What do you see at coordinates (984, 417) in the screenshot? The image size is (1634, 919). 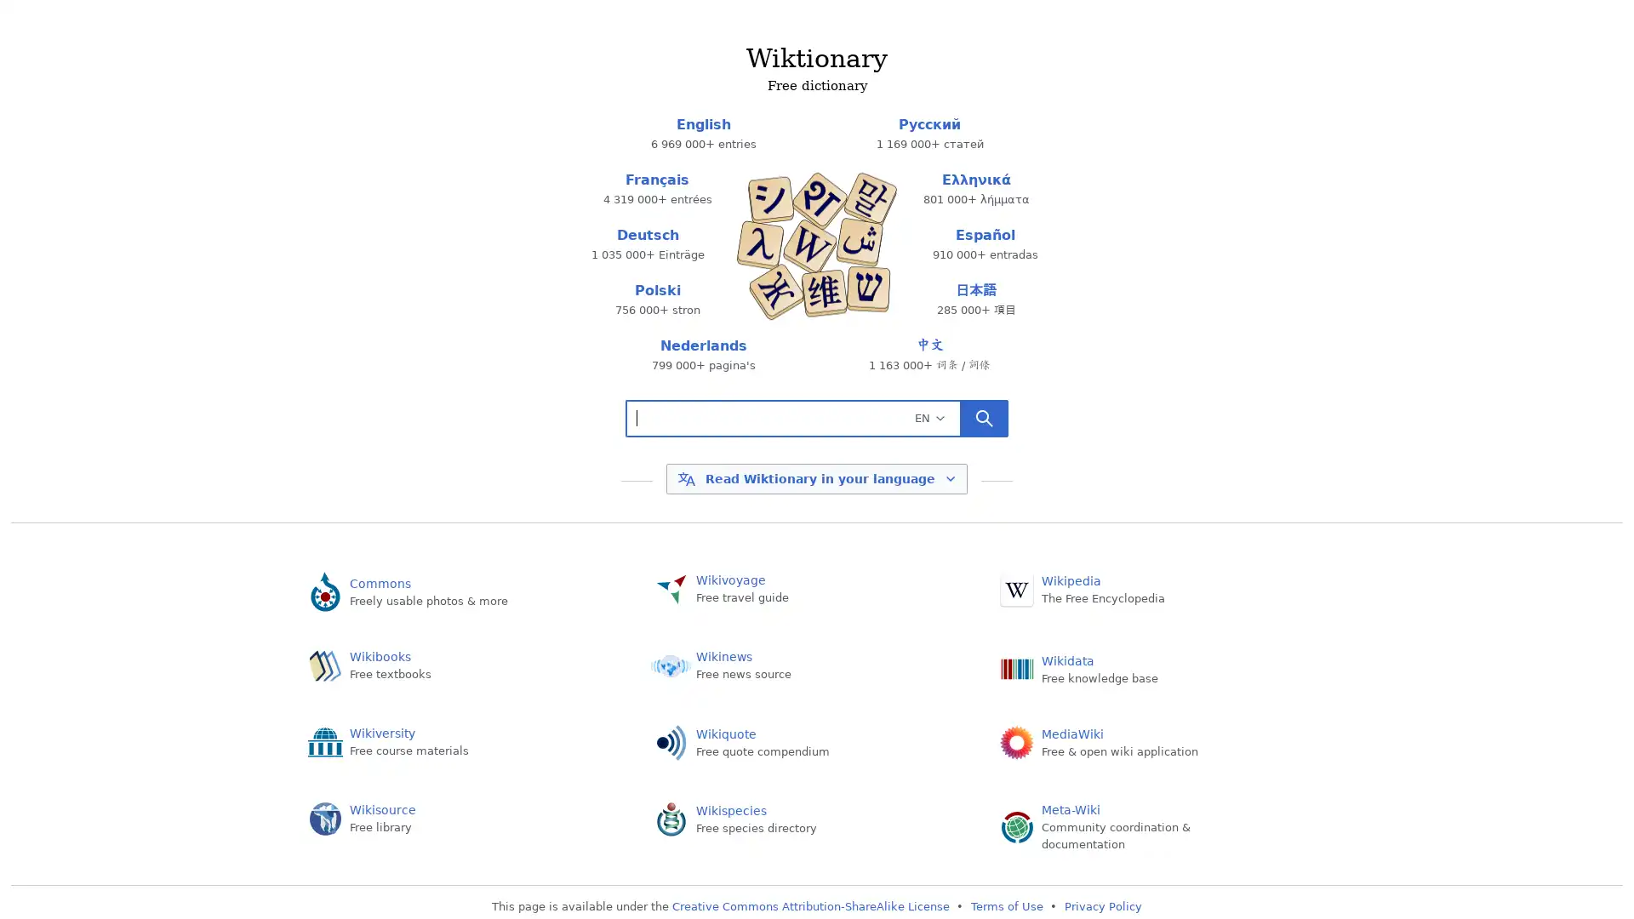 I see `Search` at bounding box center [984, 417].